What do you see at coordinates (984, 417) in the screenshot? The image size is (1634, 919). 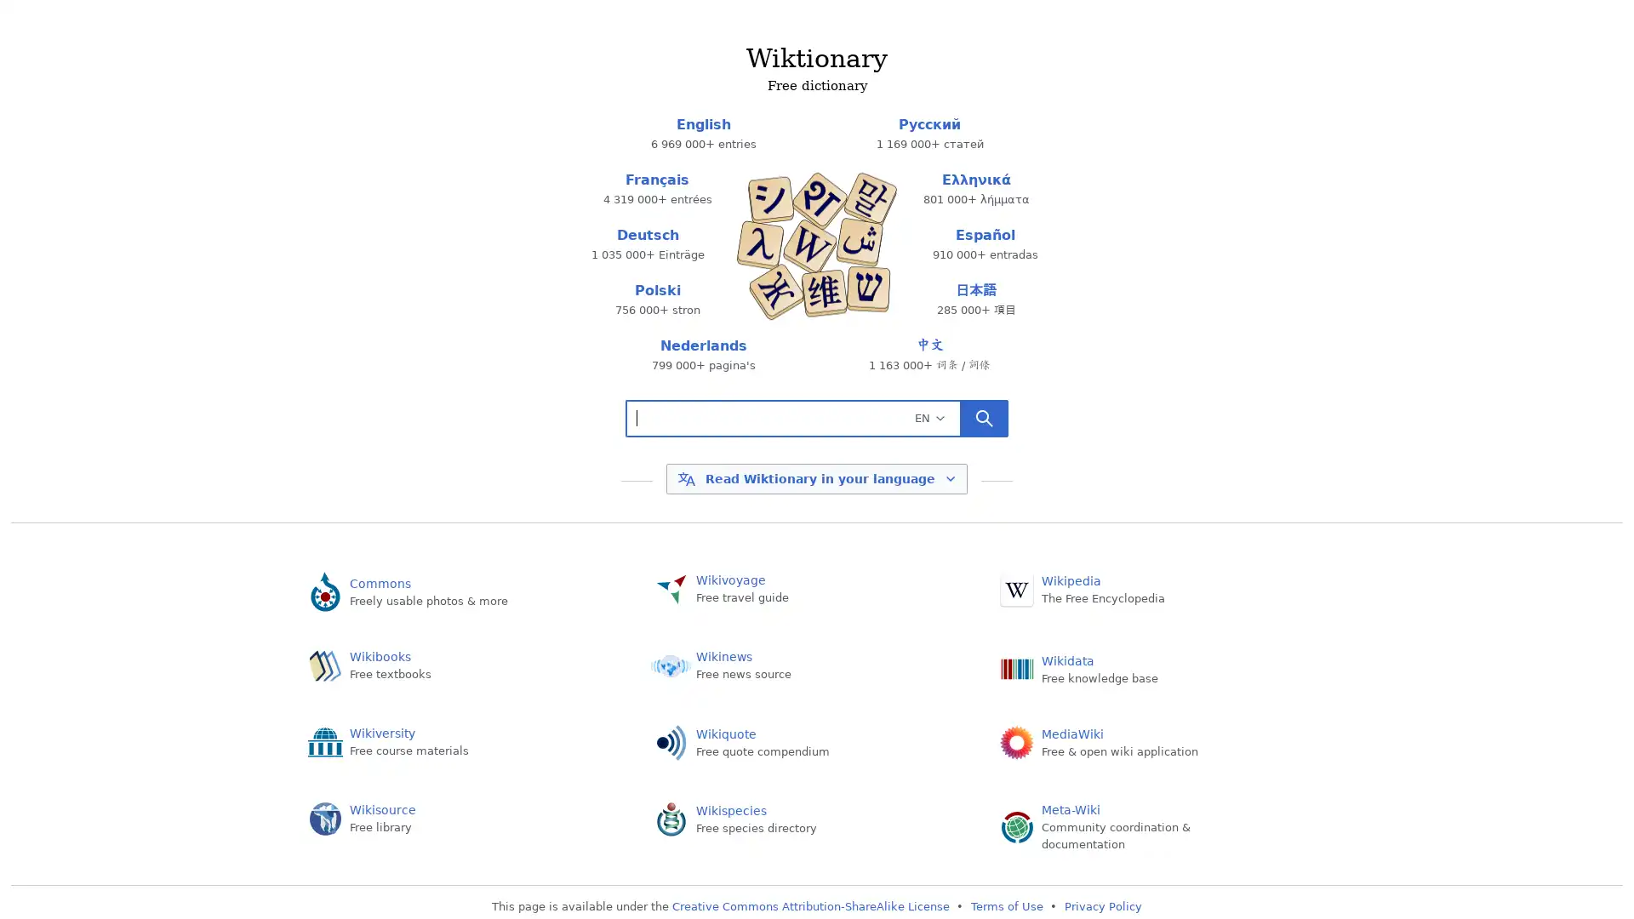 I see `Search` at bounding box center [984, 417].